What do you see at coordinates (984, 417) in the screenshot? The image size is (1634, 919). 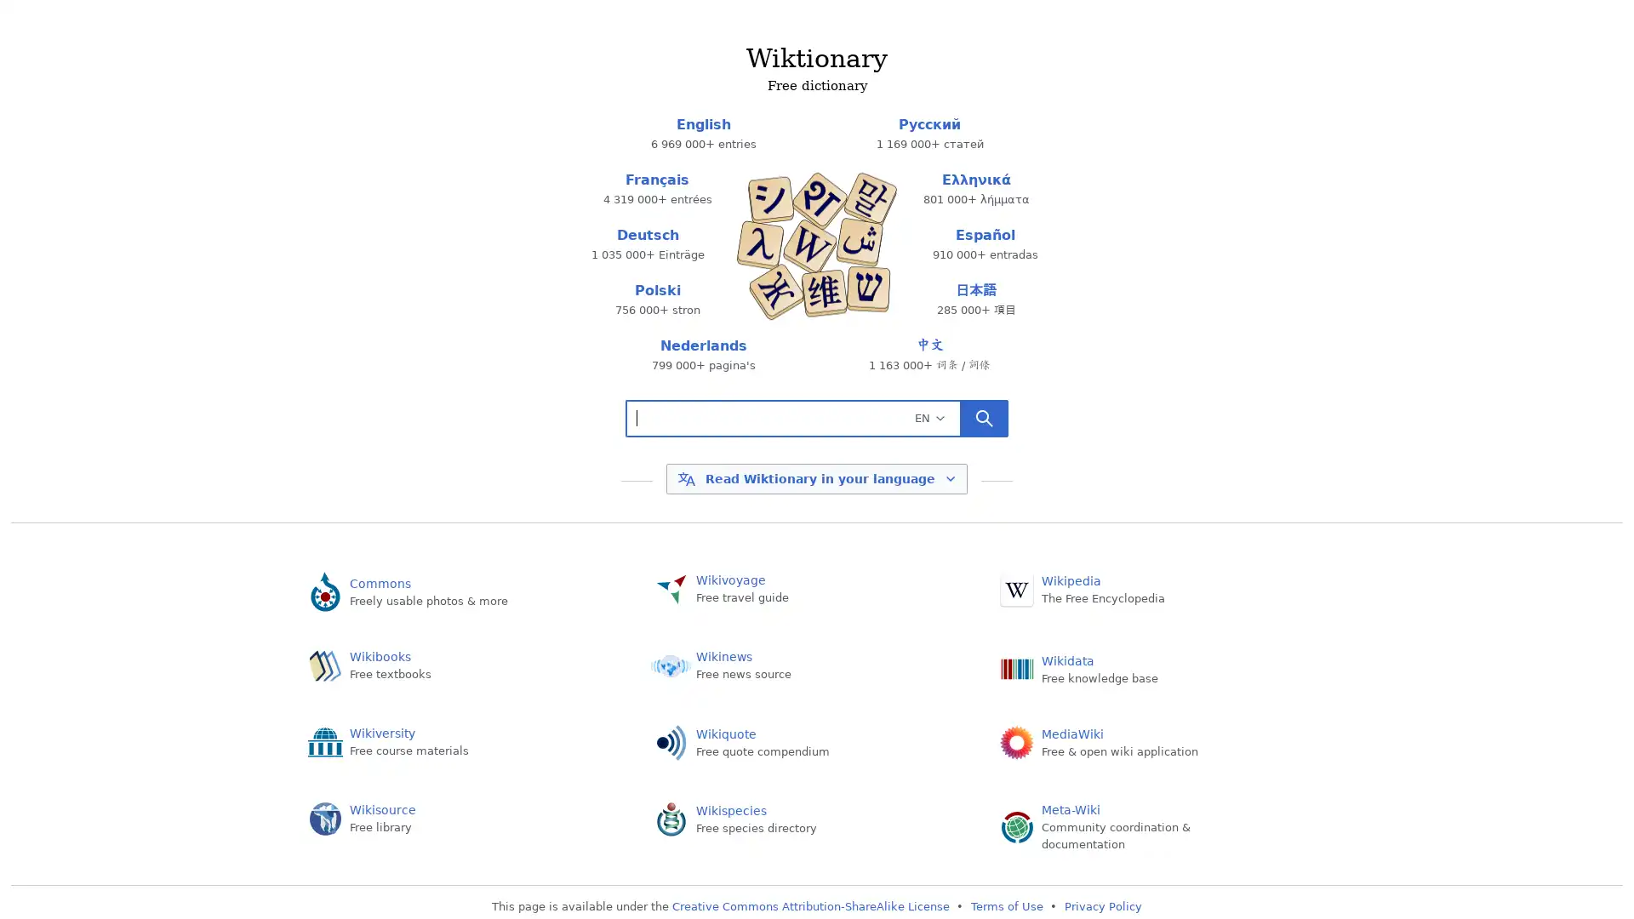 I see `Search` at bounding box center [984, 417].